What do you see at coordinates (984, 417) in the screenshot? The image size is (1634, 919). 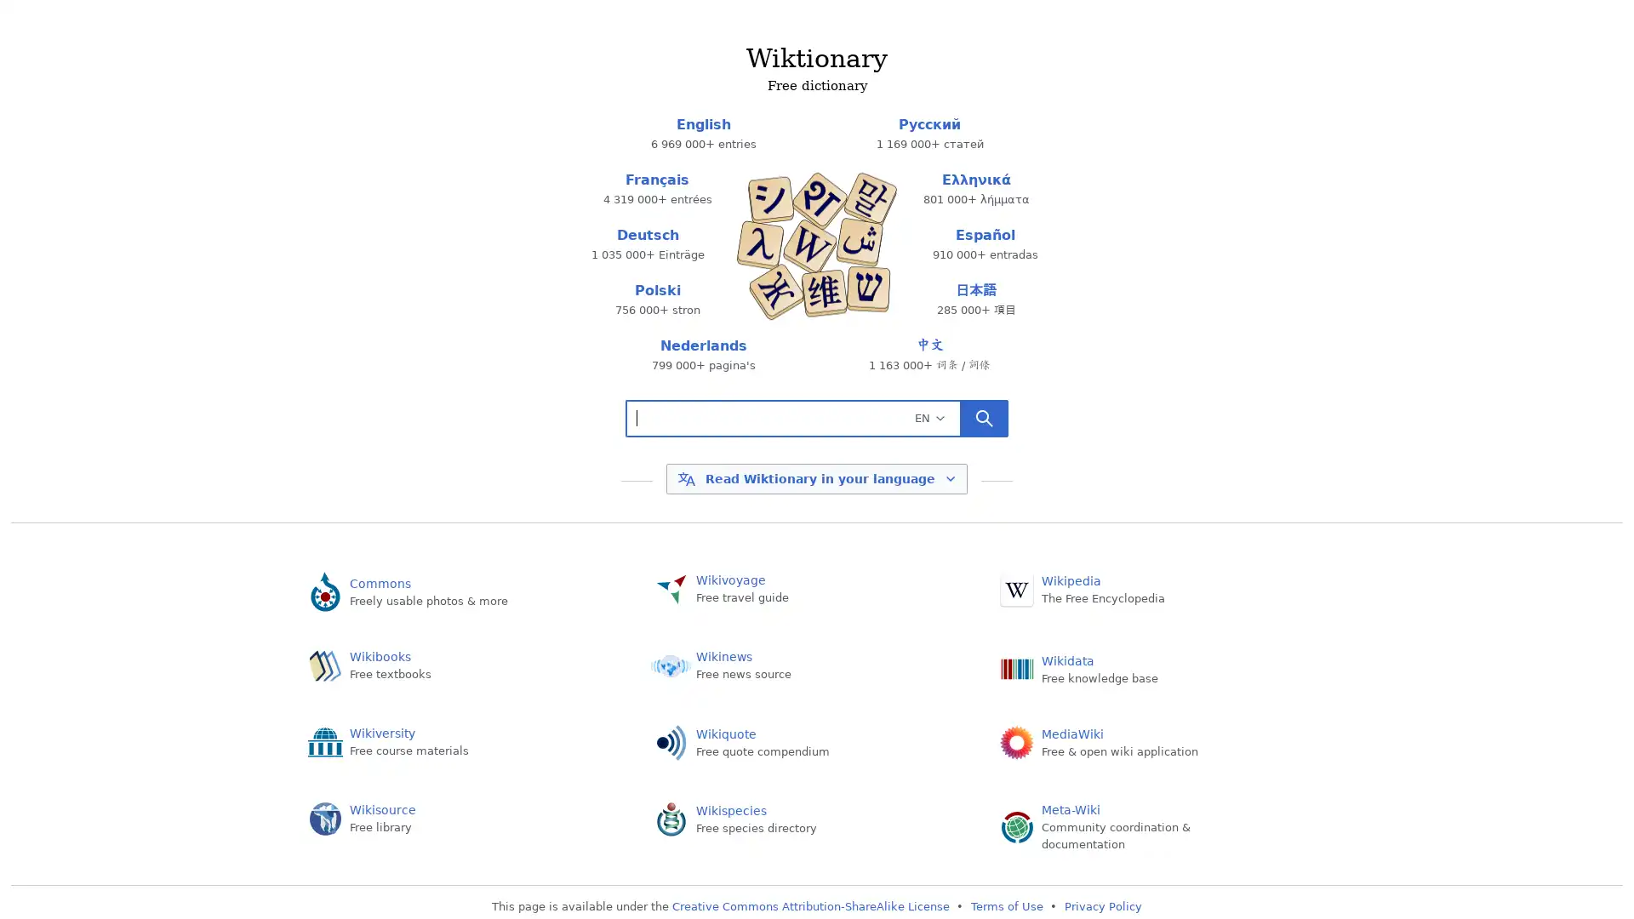 I see `Search` at bounding box center [984, 417].